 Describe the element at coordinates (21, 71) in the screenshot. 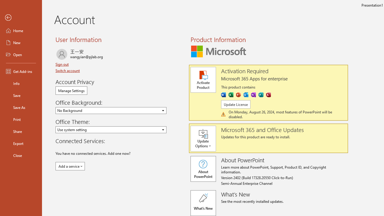

I see `'Get Add-ins'` at that location.